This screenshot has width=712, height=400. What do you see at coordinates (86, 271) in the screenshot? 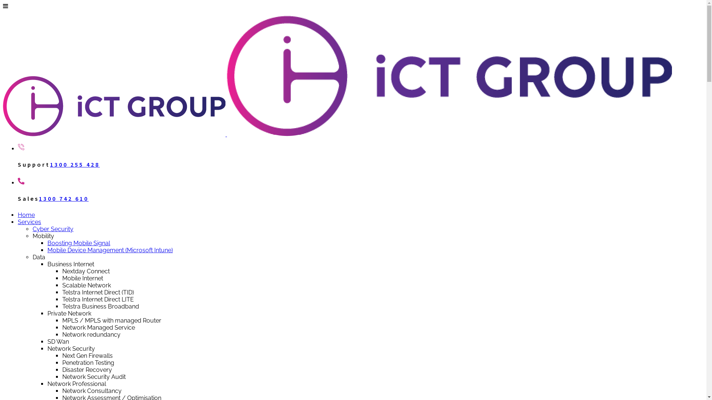
I see `'Nextday Connect'` at bounding box center [86, 271].